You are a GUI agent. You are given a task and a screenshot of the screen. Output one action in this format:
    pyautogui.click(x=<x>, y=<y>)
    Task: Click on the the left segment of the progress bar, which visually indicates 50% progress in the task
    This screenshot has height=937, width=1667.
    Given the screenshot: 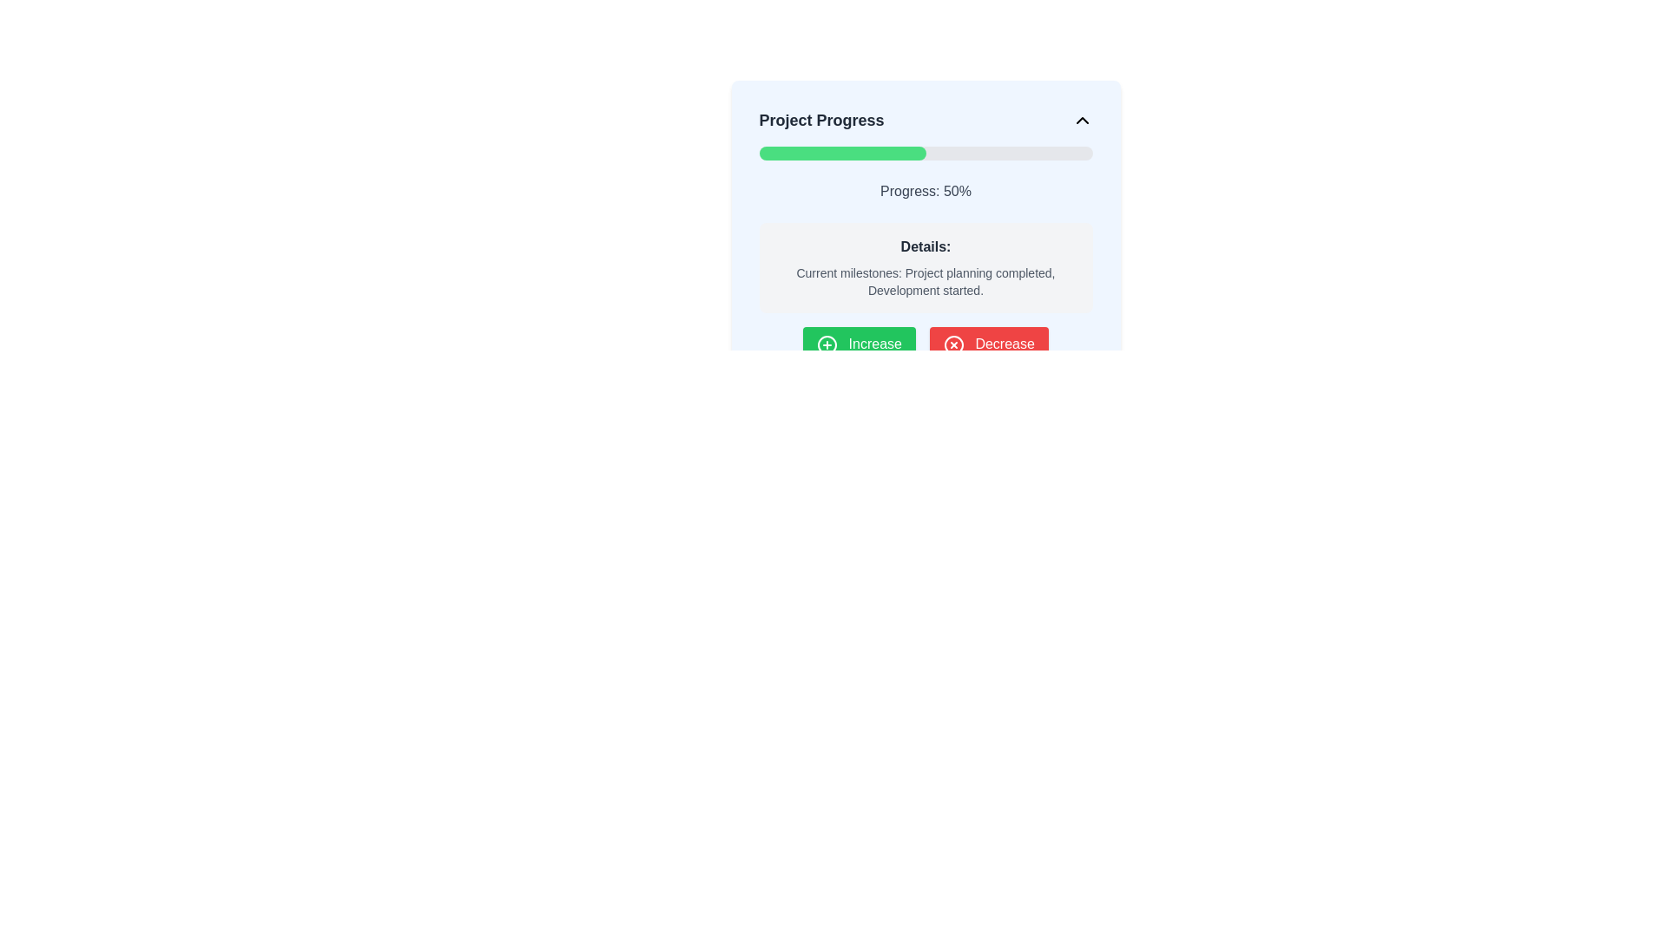 What is the action you would take?
    pyautogui.click(x=842, y=153)
    